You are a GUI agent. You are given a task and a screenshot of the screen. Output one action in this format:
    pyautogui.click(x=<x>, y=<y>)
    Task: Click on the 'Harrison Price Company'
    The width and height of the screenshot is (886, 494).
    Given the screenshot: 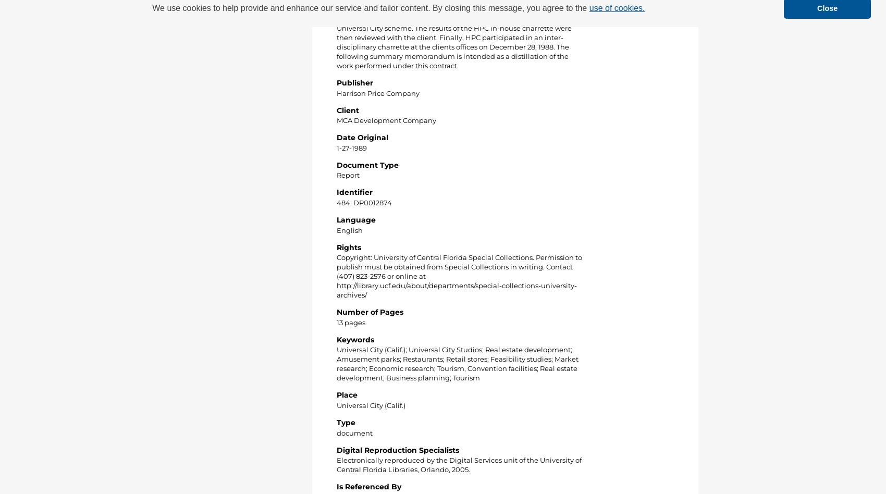 What is the action you would take?
    pyautogui.click(x=378, y=92)
    